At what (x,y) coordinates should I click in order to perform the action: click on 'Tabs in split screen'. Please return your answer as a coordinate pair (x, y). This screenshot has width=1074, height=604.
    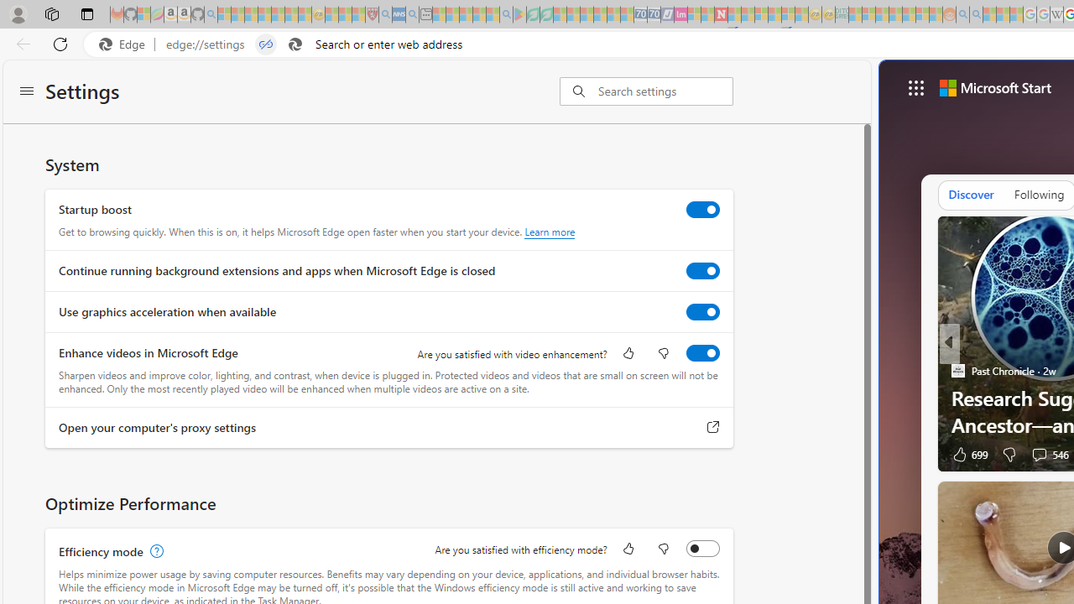
    Looking at the image, I should click on (265, 44).